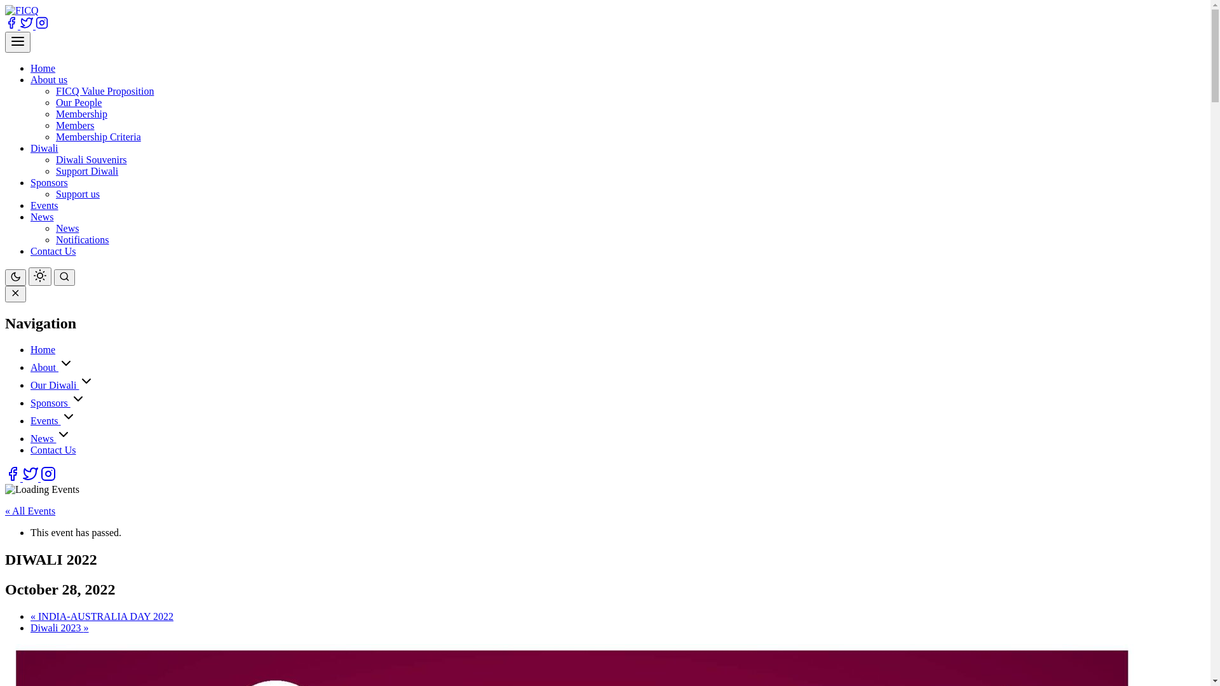 This screenshot has width=1220, height=686. Describe the element at coordinates (81, 113) in the screenshot. I see `'Membership'` at that location.